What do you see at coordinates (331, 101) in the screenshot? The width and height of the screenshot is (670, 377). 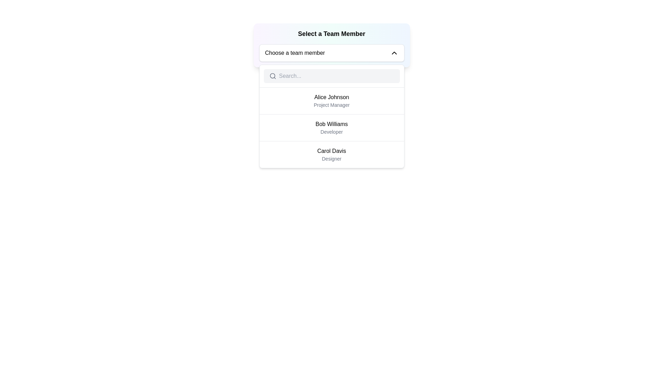 I see `the dropdown list item displaying 'Alice Johnson'` at bounding box center [331, 101].